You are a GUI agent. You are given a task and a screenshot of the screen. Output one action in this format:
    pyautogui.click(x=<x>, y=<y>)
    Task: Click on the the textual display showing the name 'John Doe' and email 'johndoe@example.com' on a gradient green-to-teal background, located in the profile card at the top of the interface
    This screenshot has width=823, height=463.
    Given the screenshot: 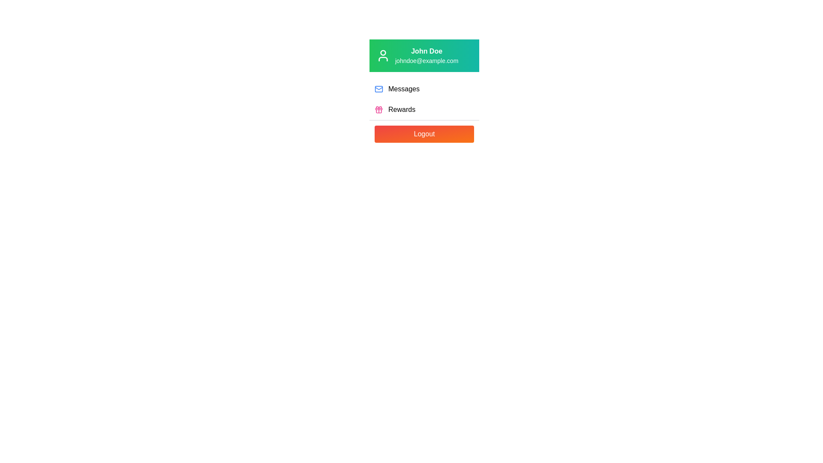 What is the action you would take?
    pyautogui.click(x=427, y=56)
    